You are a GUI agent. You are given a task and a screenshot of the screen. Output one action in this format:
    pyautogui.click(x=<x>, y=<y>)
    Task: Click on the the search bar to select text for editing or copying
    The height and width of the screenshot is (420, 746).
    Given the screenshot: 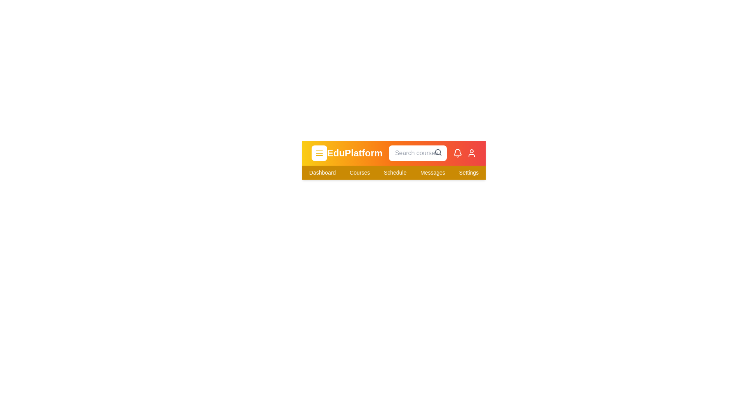 What is the action you would take?
    pyautogui.click(x=417, y=153)
    